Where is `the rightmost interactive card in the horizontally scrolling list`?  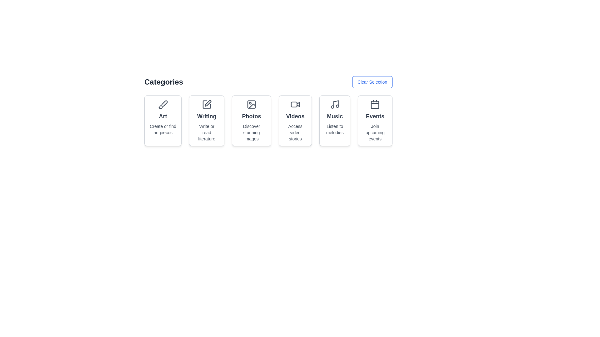 the rightmost interactive card in the horizontally scrolling list is located at coordinates (375, 120).